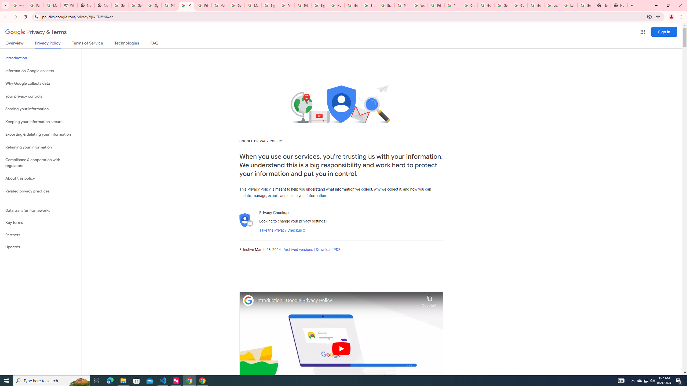 The height and width of the screenshot is (386, 687). What do you see at coordinates (370, 5) in the screenshot?
I see `'Brand Resource Center'` at bounding box center [370, 5].